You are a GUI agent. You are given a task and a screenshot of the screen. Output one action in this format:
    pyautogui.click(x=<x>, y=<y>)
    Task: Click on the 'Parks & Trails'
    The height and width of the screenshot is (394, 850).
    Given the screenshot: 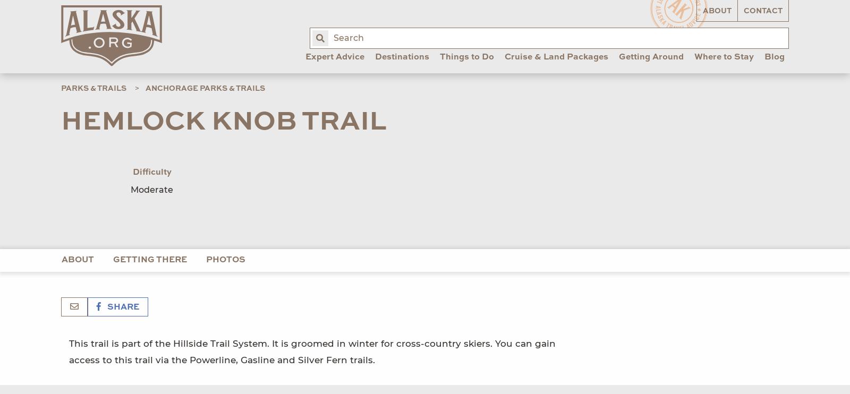 What is the action you would take?
    pyautogui.click(x=61, y=87)
    